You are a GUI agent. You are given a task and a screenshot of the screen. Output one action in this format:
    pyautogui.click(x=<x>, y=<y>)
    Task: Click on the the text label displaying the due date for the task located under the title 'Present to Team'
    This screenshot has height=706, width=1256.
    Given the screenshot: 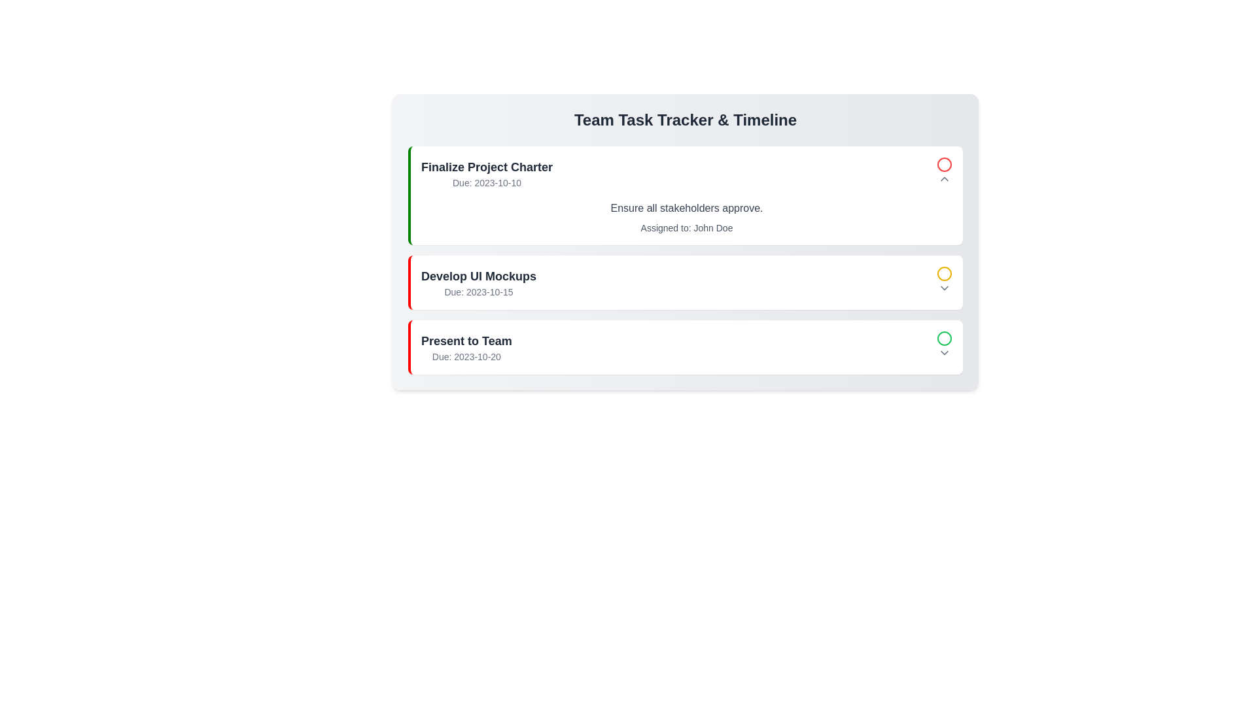 What is the action you would take?
    pyautogui.click(x=466, y=356)
    